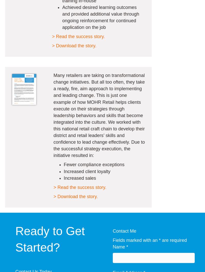  I want to click on 'Contact Me', so click(125, 231).